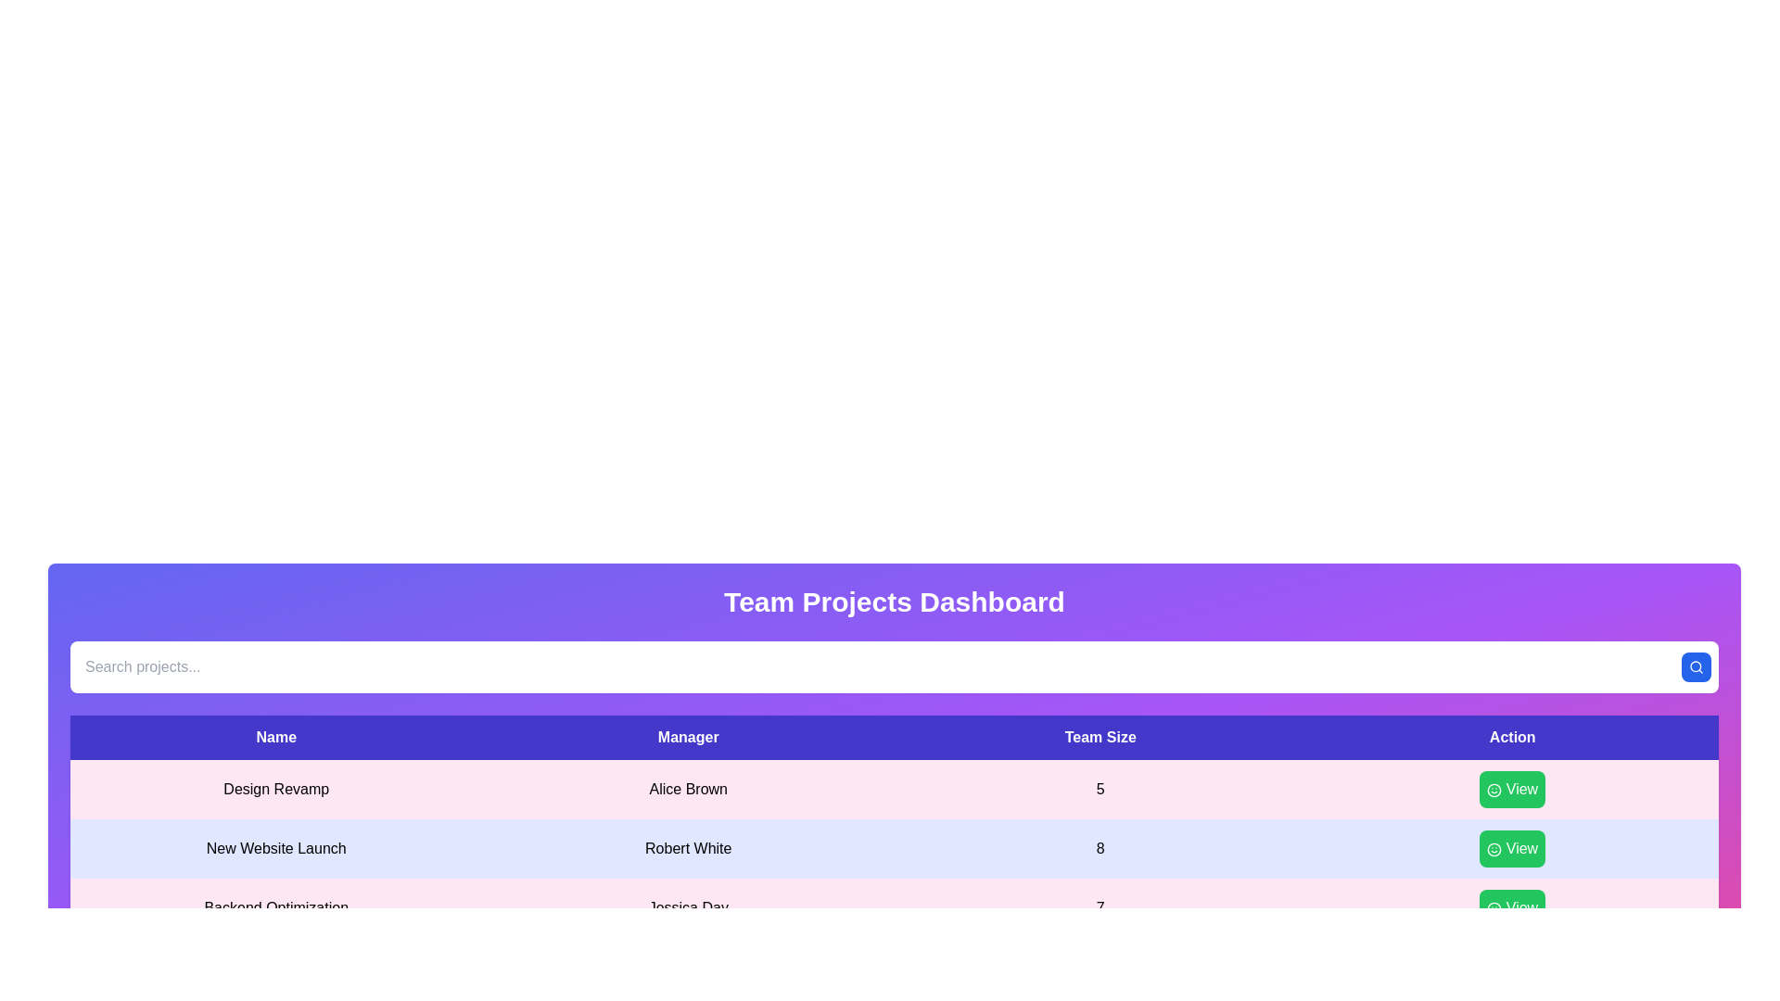  Describe the element at coordinates (275, 736) in the screenshot. I see `the 'Name' table header cell, which is the first cell in the header row of the table layout` at that location.